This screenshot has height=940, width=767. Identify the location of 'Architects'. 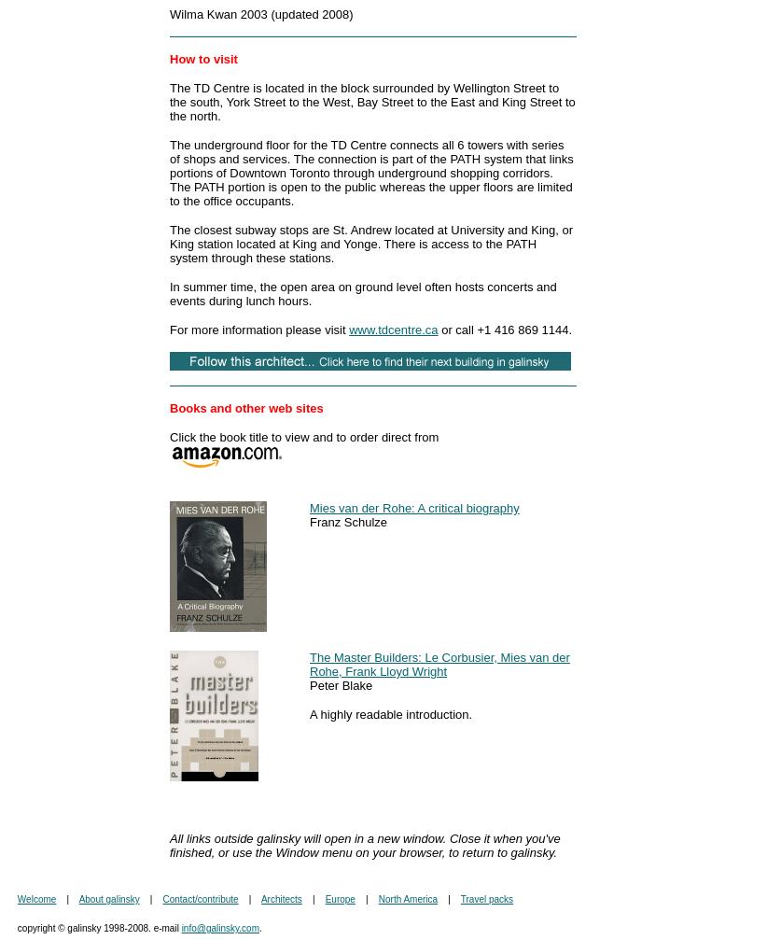
(281, 898).